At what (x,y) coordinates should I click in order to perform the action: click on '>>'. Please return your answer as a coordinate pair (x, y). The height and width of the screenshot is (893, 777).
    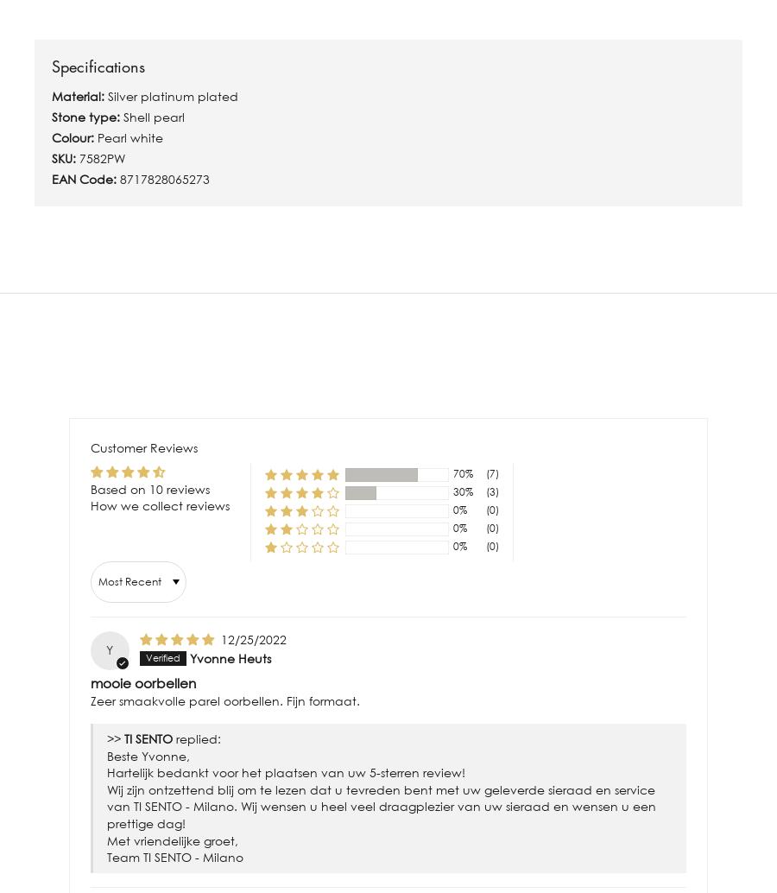
    Looking at the image, I should click on (116, 738).